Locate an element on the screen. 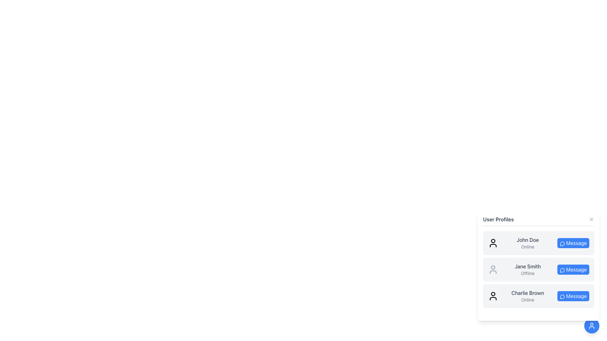 This screenshot has height=341, width=607. the button located in the bottom right of Charlie Brown's profile to send a message is located at coordinates (573, 296).